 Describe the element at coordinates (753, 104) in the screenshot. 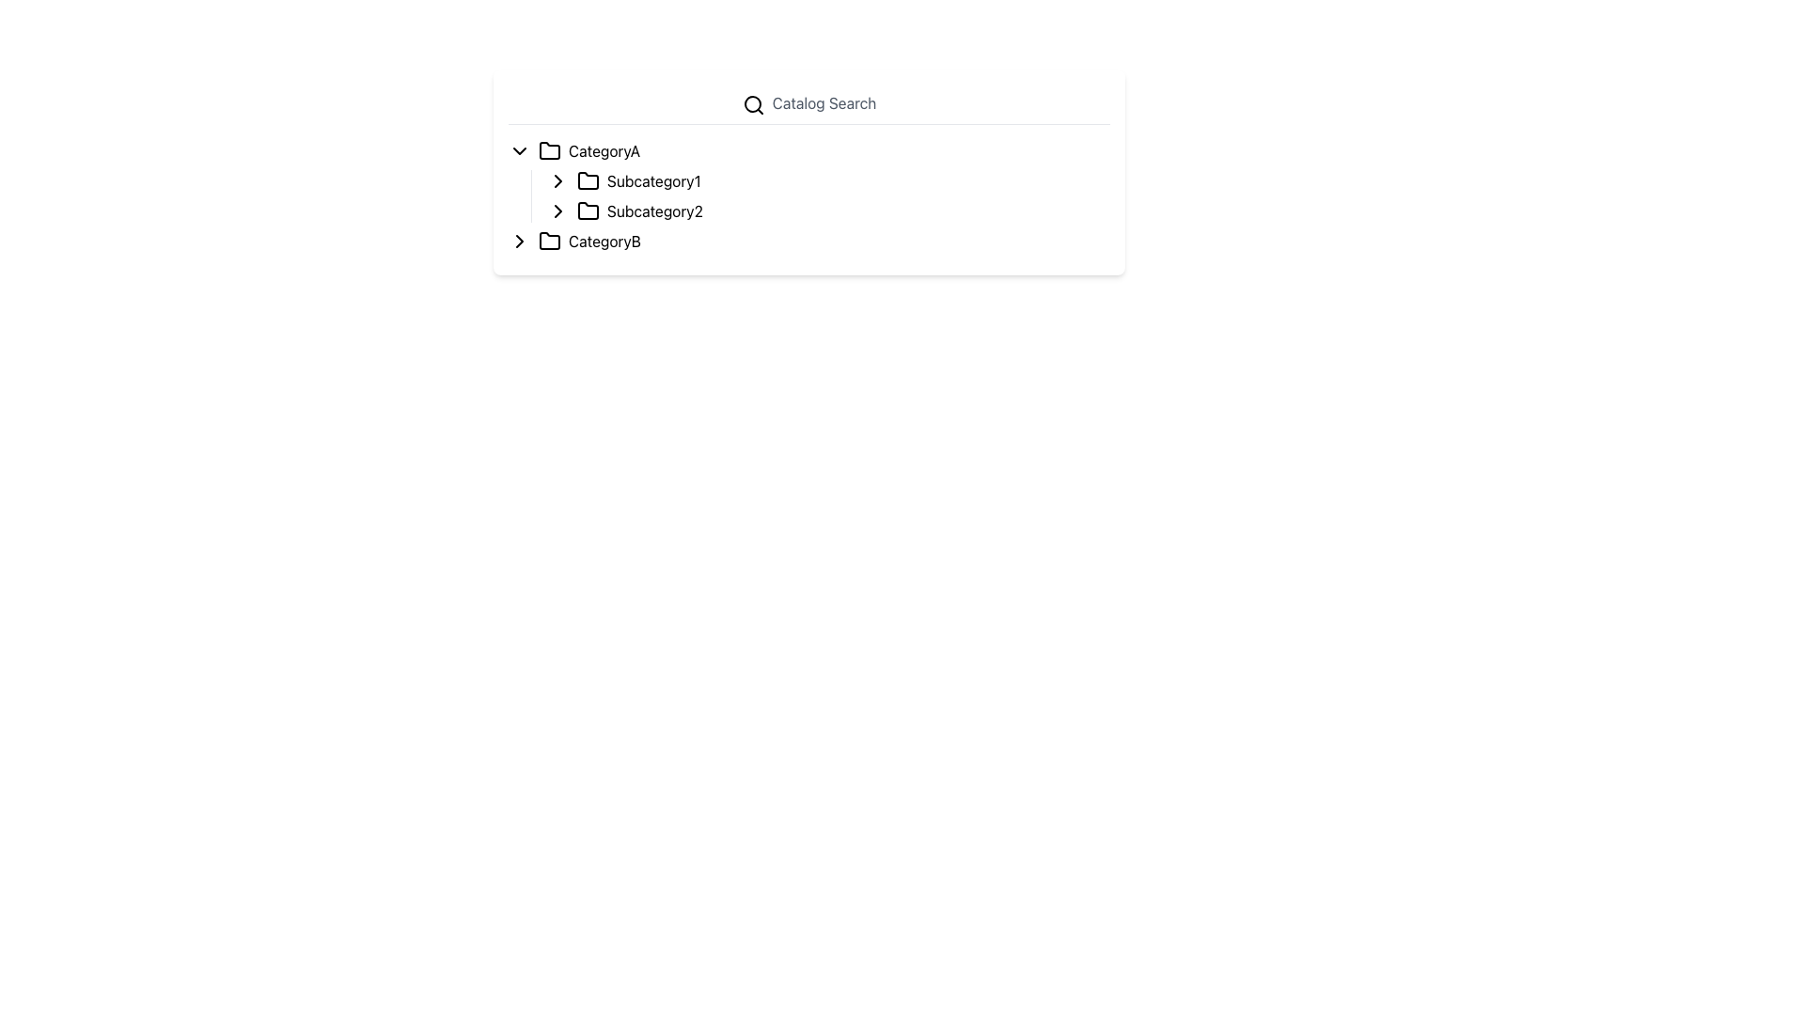

I see `the search icon represented by a magnifying glass located in the header section labeled 'Catalog Search' to initiate a search action` at that location.